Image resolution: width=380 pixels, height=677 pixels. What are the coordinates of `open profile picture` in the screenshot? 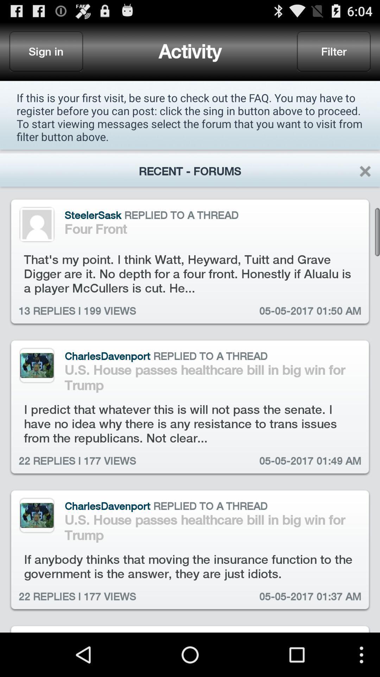 It's located at (37, 224).